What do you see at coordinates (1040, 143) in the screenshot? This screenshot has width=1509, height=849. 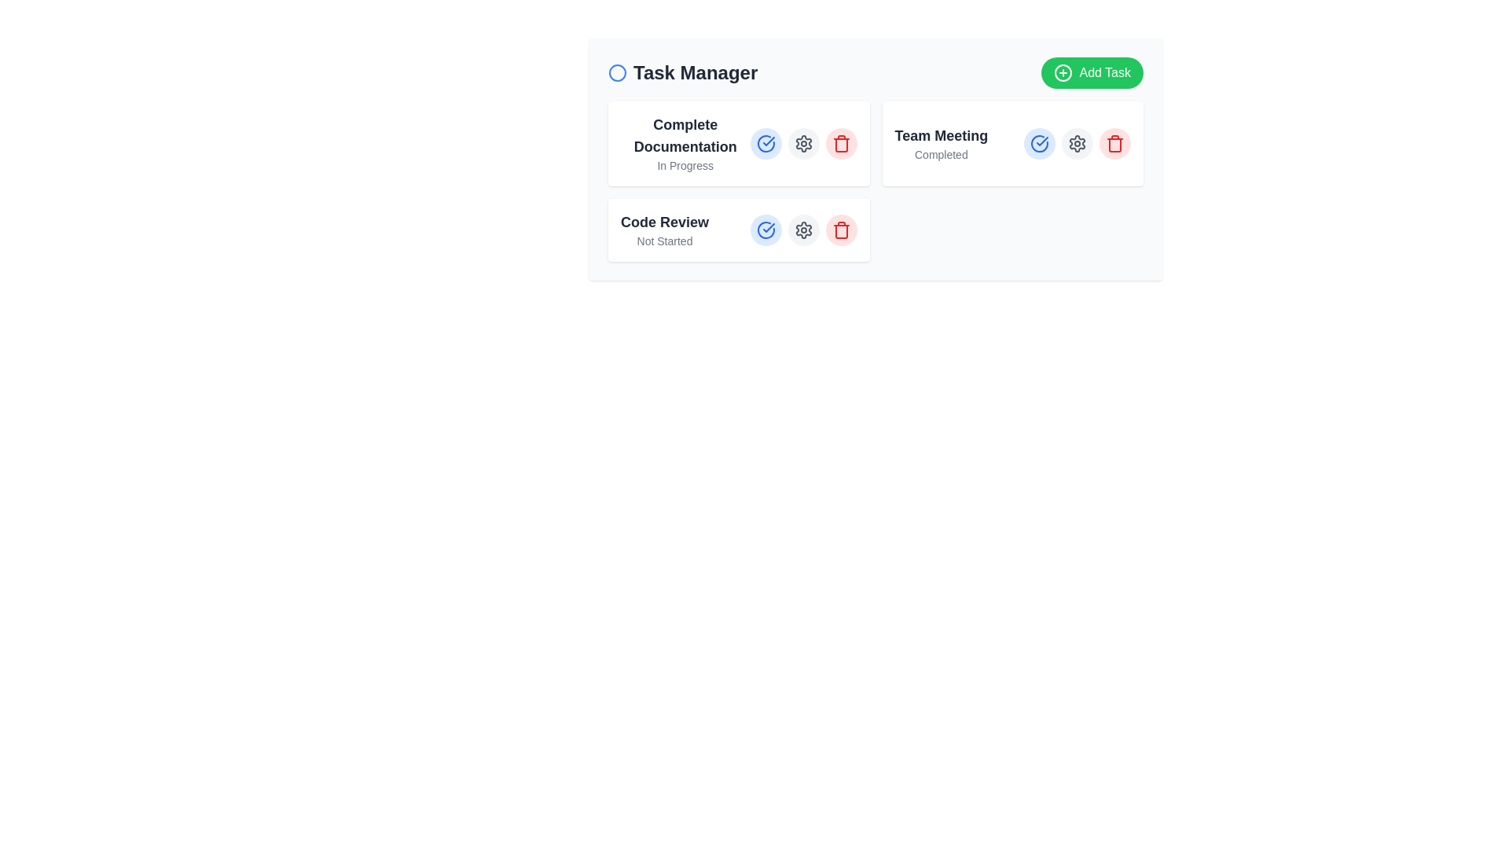 I see `the blue outlined circle icon with a checkmark inside, located` at bounding box center [1040, 143].